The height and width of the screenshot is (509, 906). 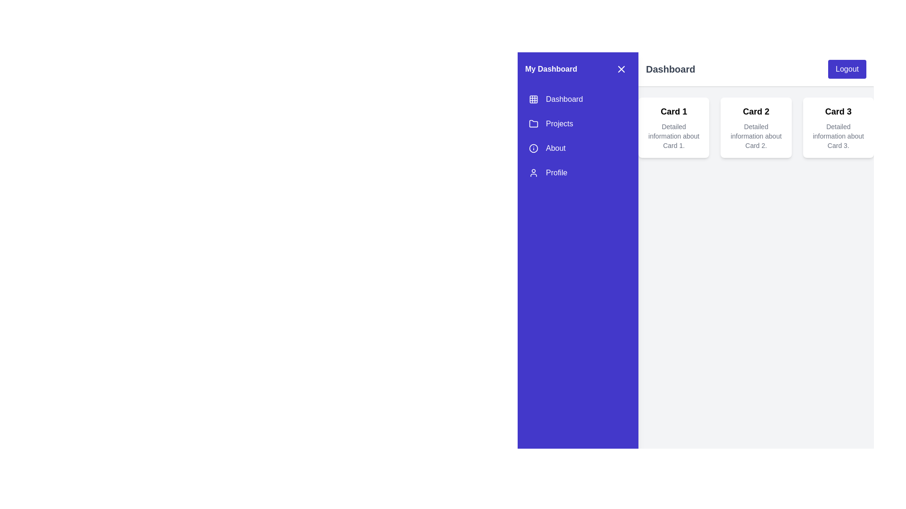 I want to click on the 'Projects' Interactive Navigation Item in the vertical navigation menu, so click(x=577, y=123).